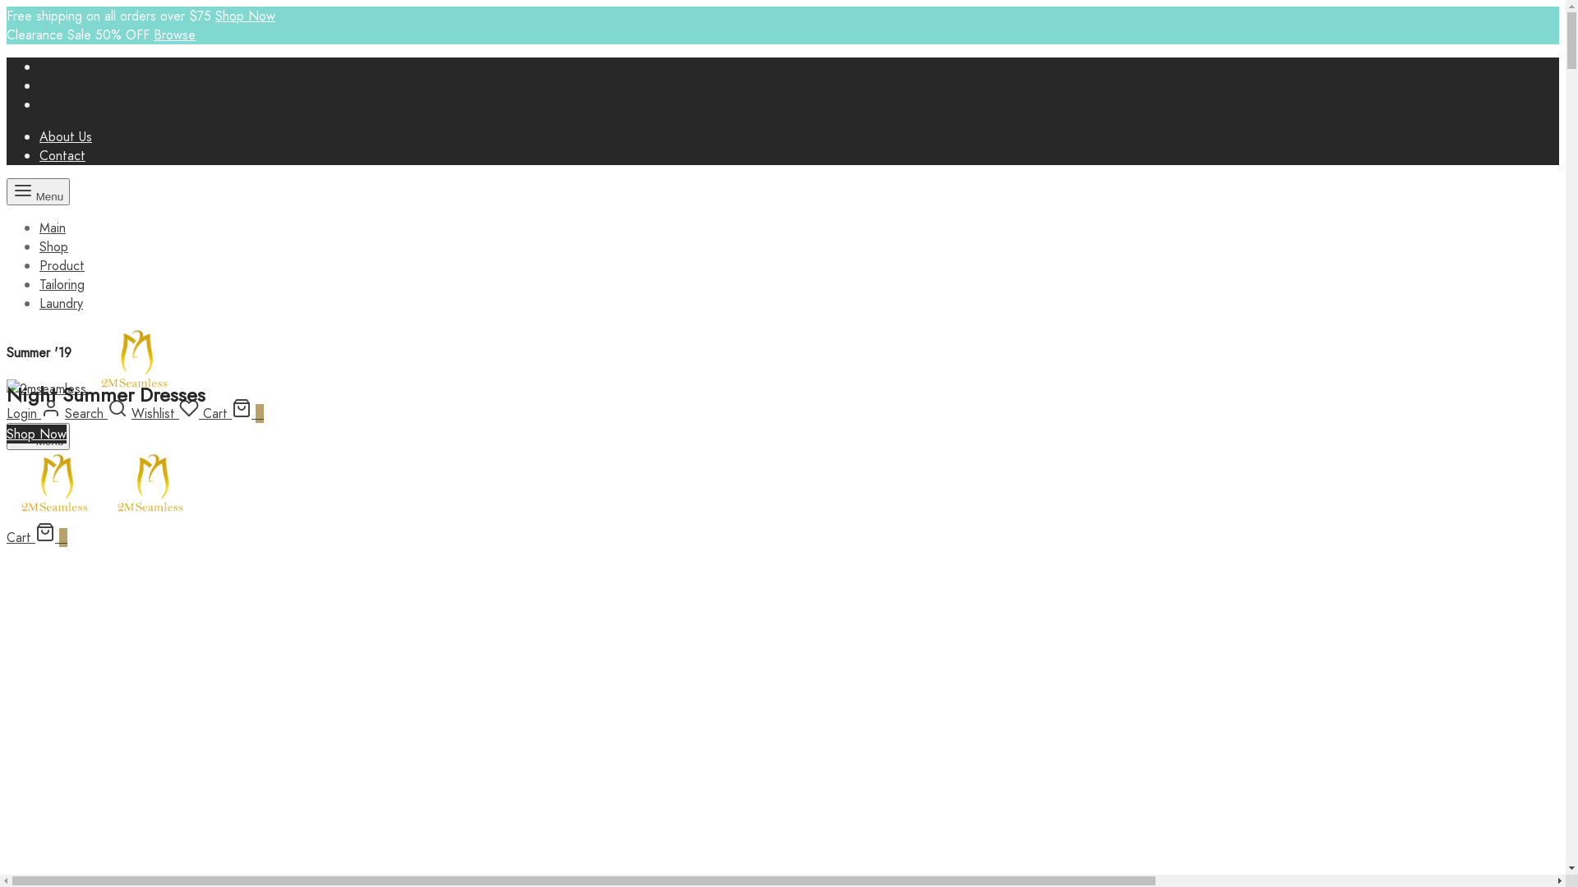 The height and width of the screenshot is (887, 1578). I want to click on 'Contact', so click(62, 155).